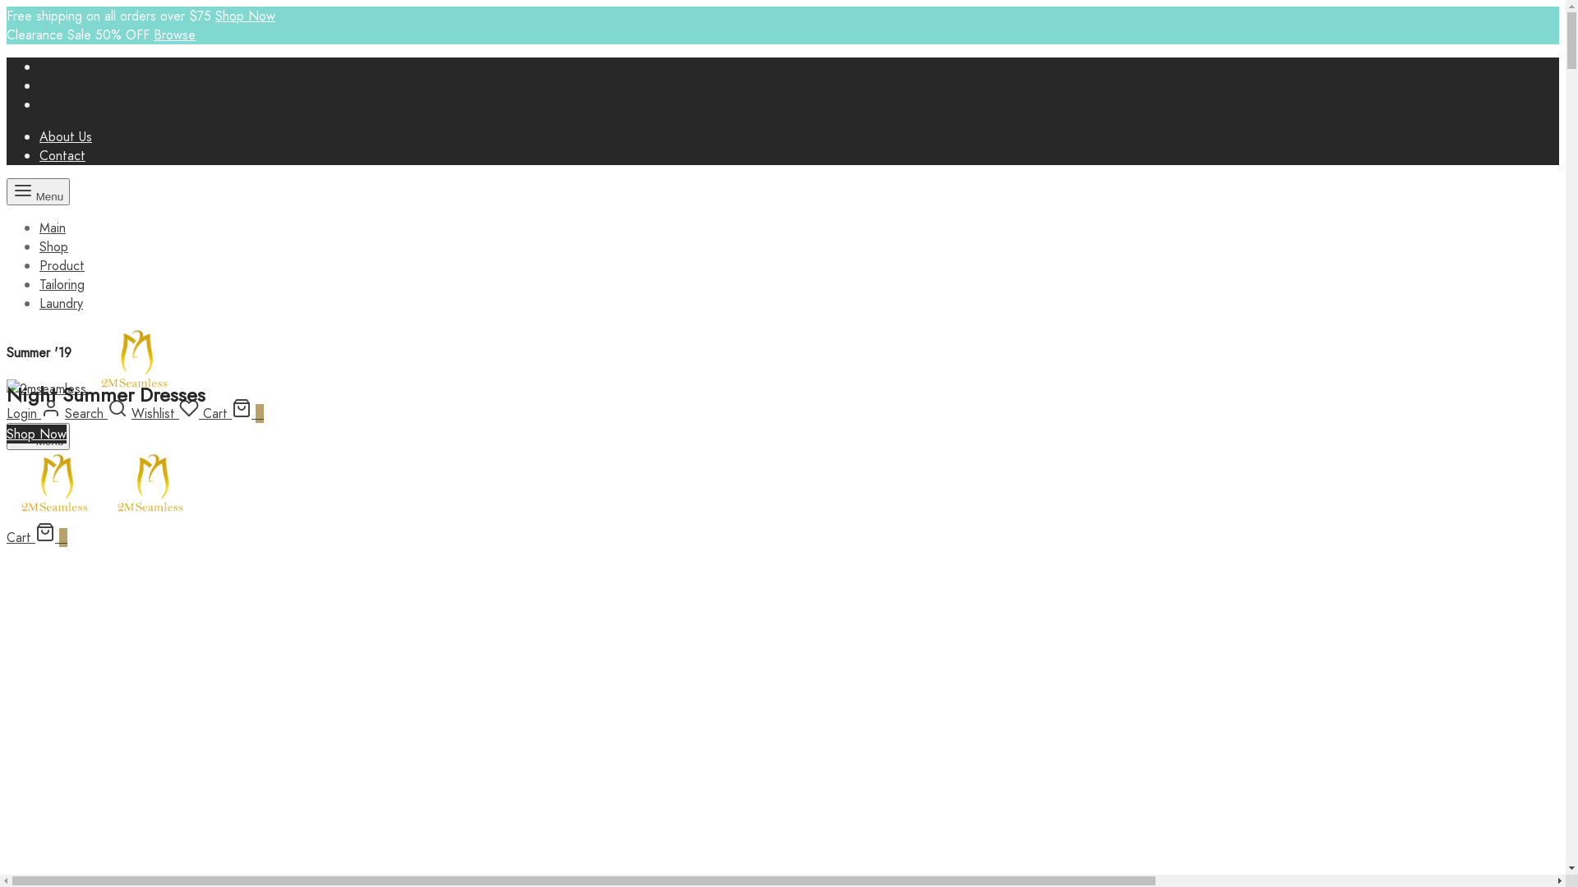 The height and width of the screenshot is (887, 1578). I want to click on 'Contact', so click(62, 155).